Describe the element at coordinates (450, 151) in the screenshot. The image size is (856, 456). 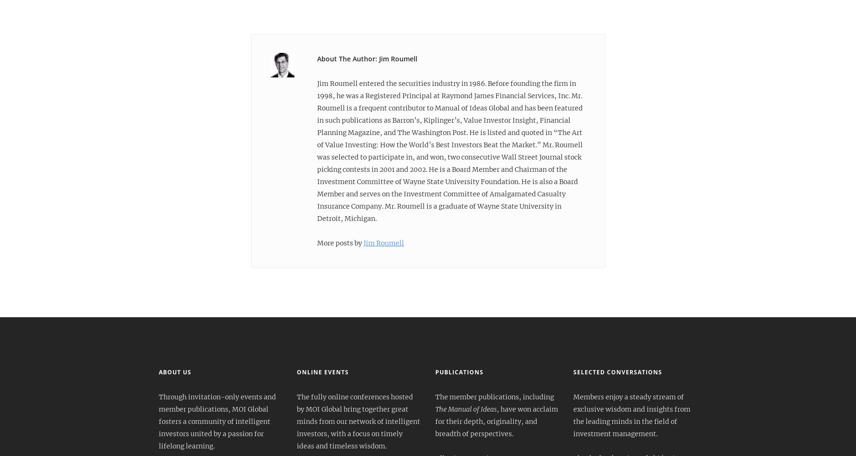
I see `'Jim Roumell entered the securities industry in 1986. Before founding the firm in 1998, he was a Registered Principal at Raymond James Financial Services, Inc. Mr. Roumell is a frequent contributor to Manual of Ideas Global and has been featured in such publications as Barron’s, Kiplinger’s, Value Investor Insight, Financial Planning Magazine, and The Washington Post. He is listed and quoted in “The Art of Value Investing: How the World’s Best Investors Beat the Market.” Mr. Roumell was selected to participate in, and won, two consecutive Wall Street Journal stock picking contests in 2001 and 2002. He is a Board Member and Chairman of the Investment Committee of Wayne State University Foundation. He is also a Board Member and serves on the Investment Committee of Amalgamated Casualty Insurance Company. Mr. Roumell is a graduate of Wayne State University in Detroit, Michigan.'` at that location.